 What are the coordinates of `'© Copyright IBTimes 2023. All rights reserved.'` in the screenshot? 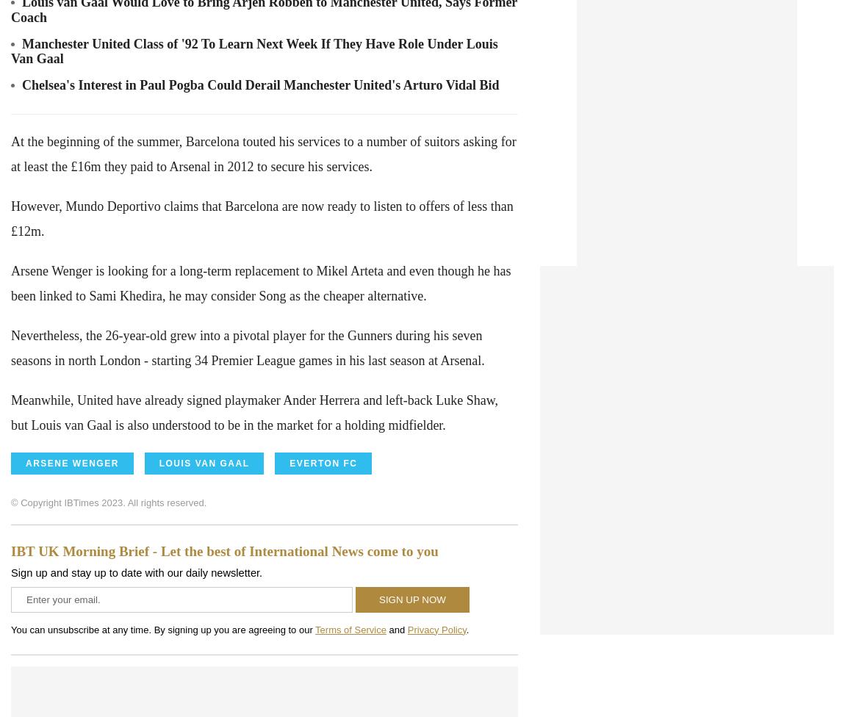 It's located at (10, 501).